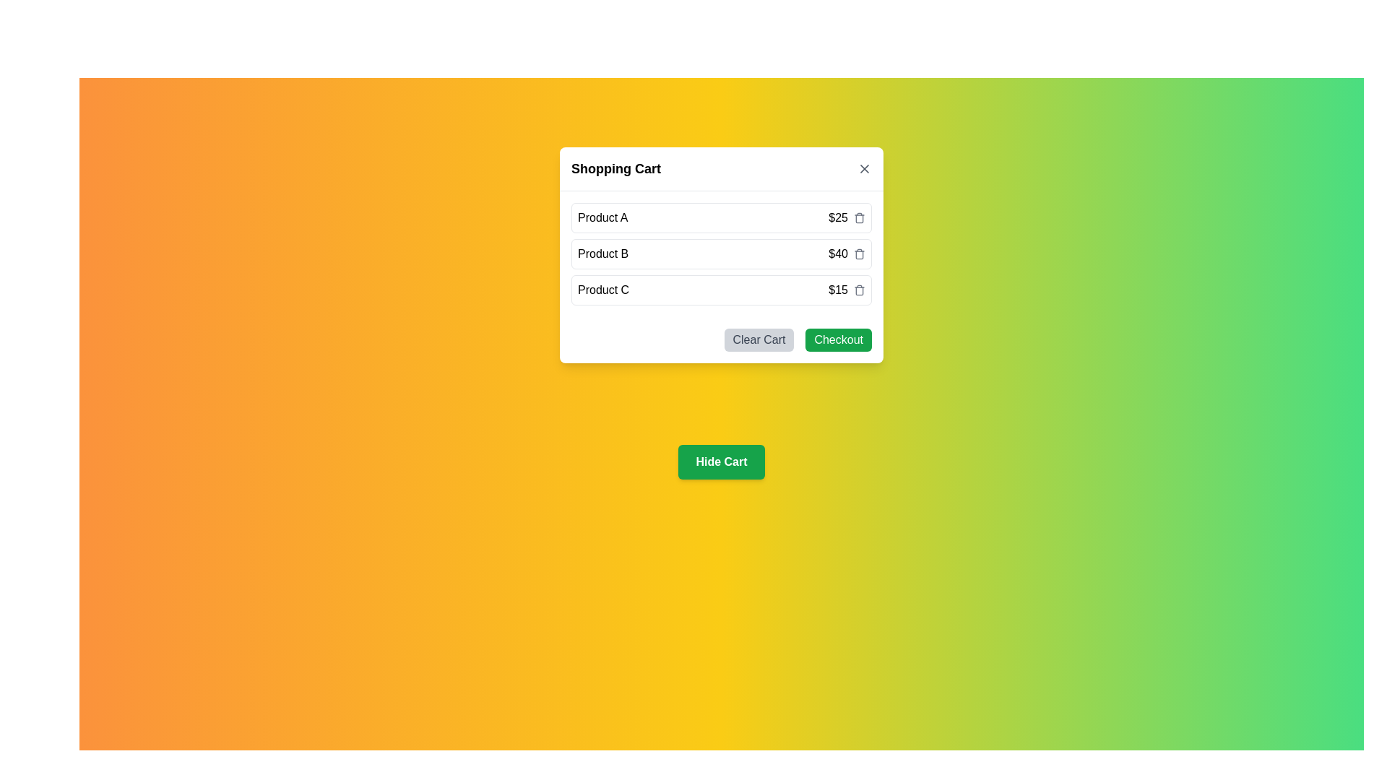 The height and width of the screenshot is (780, 1387). What do you see at coordinates (721, 462) in the screenshot?
I see `the button located beneath the shopping cart panel to hide the shopping cart interface` at bounding box center [721, 462].